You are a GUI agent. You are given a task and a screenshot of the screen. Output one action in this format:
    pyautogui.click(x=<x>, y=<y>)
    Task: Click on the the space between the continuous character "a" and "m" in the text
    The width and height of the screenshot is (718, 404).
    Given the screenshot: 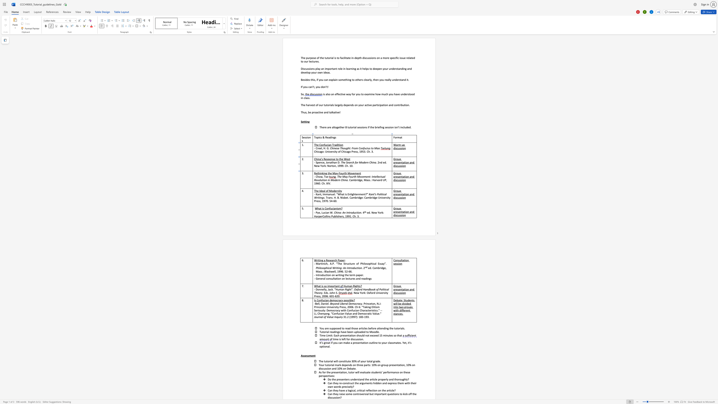 What is the action you would take?
    pyautogui.click(x=352, y=180)
    